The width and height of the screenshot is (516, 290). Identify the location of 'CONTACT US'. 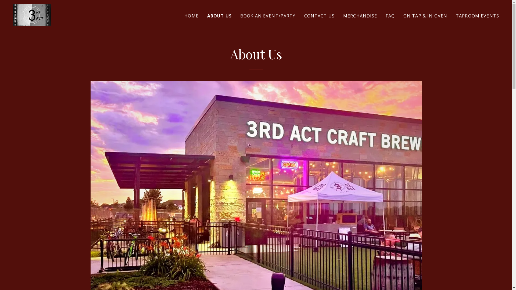
(319, 15).